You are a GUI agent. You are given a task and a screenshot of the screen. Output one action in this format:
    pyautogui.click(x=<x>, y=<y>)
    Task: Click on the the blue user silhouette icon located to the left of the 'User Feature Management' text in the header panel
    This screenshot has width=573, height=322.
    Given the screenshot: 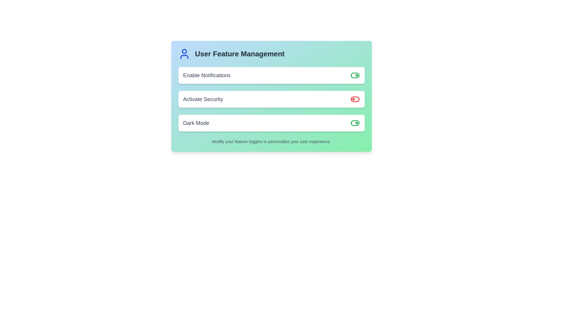 What is the action you would take?
    pyautogui.click(x=184, y=54)
    